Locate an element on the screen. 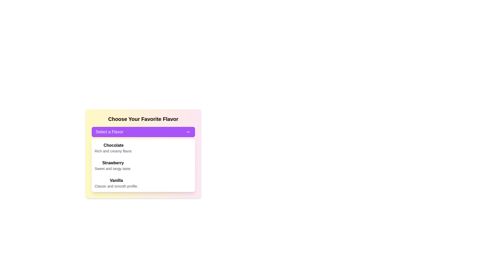  the first list item labeled 'Chocolate' is located at coordinates (143, 148).